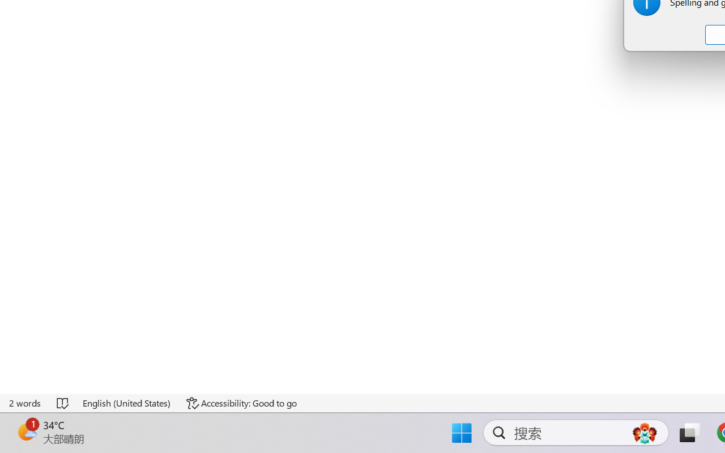 The image size is (725, 453). What do you see at coordinates (26, 431) in the screenshot?
I see `'AutomationID: BadgeAnchorLargeTicker'` at bounding box center [26, 431].